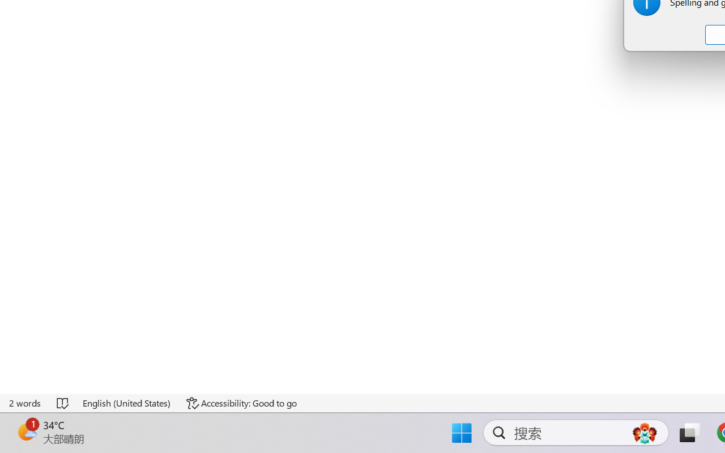 The image size is (725, 453). What do you see at coordinates (26, 431) in the screenshot?
I see `'AutomationID: BadgeAnchorLargeTicker'` at bounding box center [26, 431].